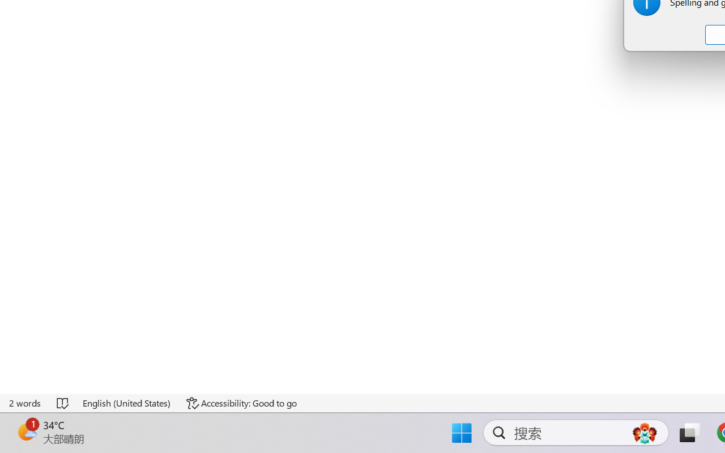 The image size is (725, 453). What do you see at coordinates (26, 431) in the screenshot?
I see `'AutomationID: BadgeAnchorLargeTicker'` at bounding box center [26, 431].